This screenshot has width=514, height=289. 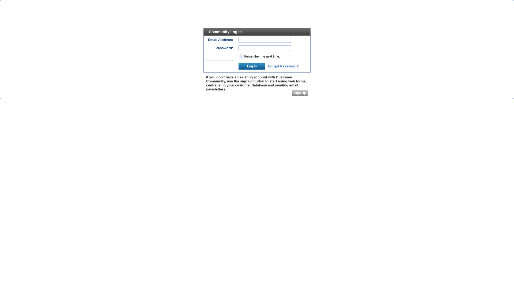 I want to click on 'Forgot Password?', so click(x=268, y=66).